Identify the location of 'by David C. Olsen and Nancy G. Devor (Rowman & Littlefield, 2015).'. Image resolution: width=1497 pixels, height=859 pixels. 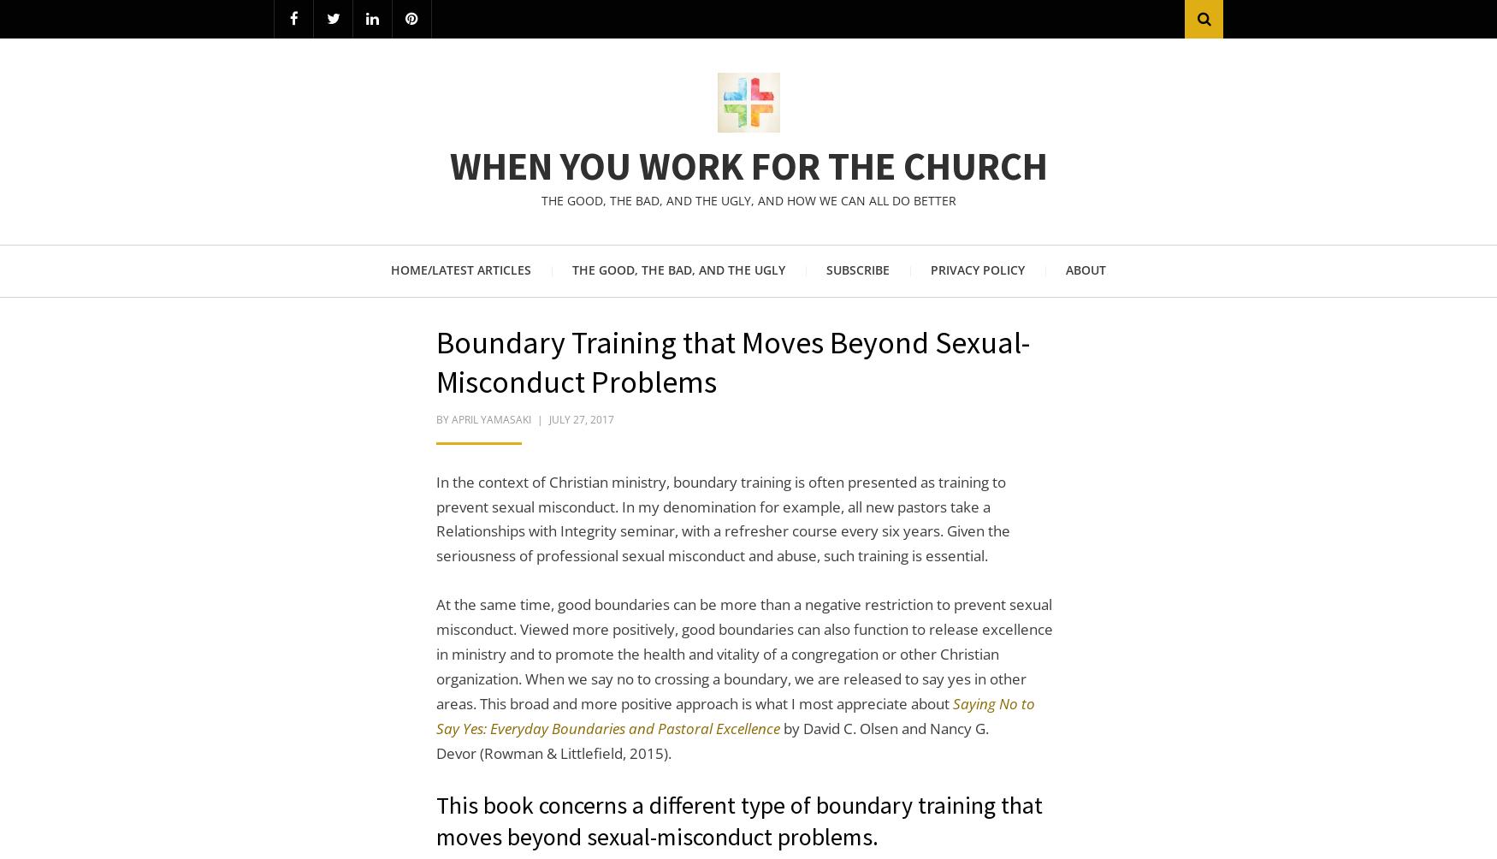
(435, 740).